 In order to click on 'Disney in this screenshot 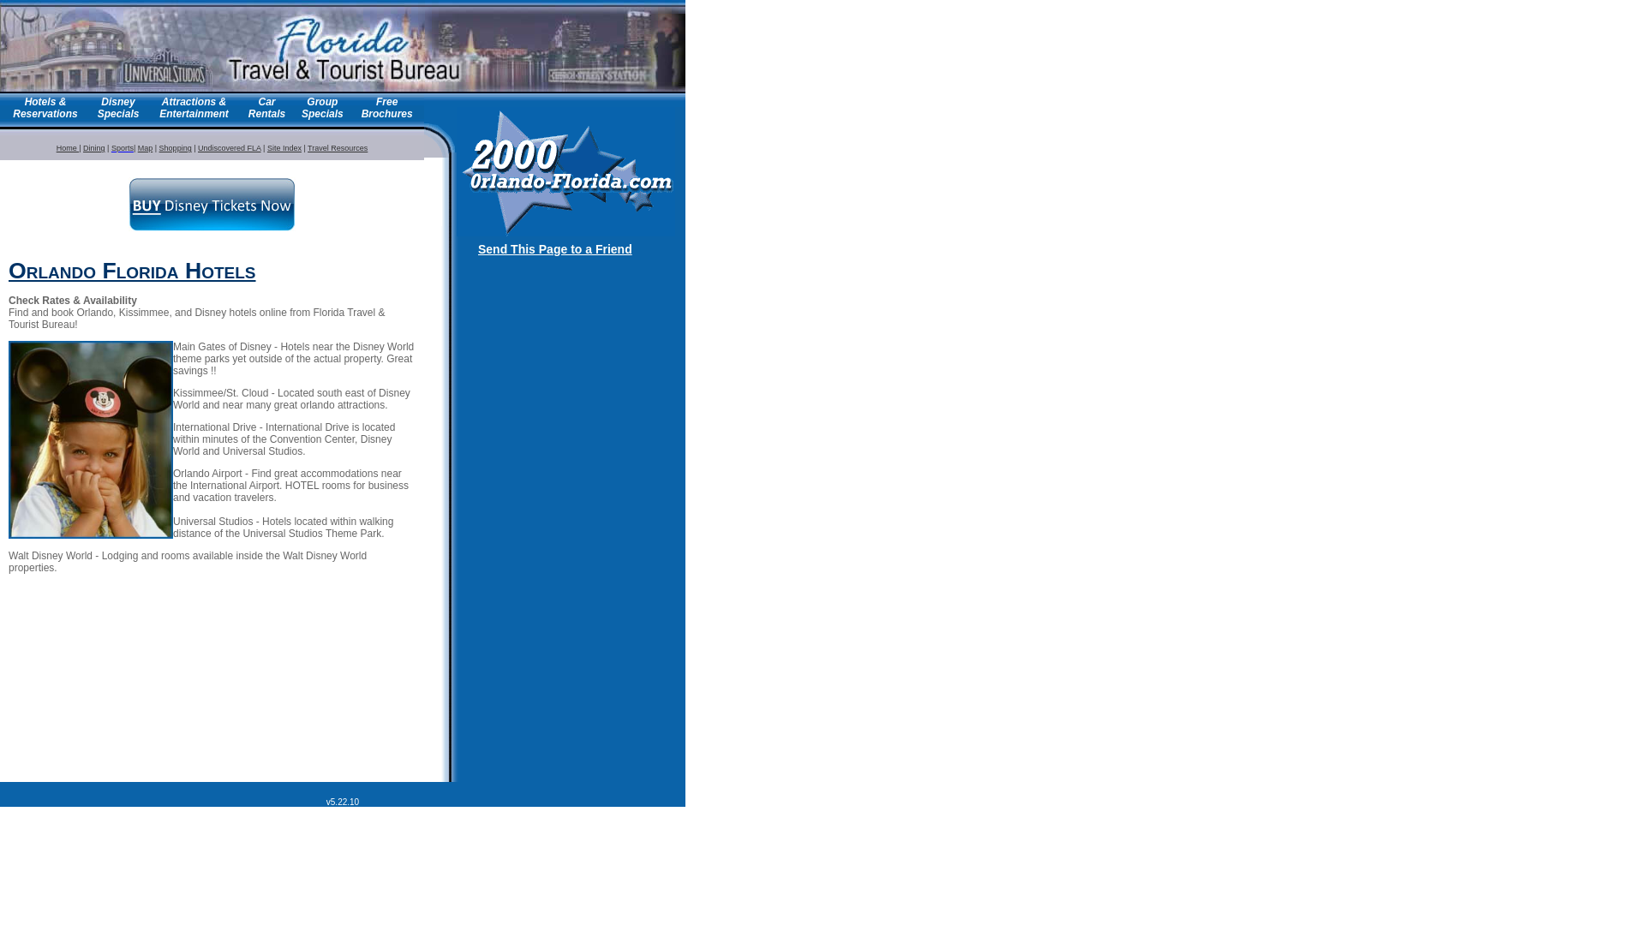, I will do `click(97, 108)`.